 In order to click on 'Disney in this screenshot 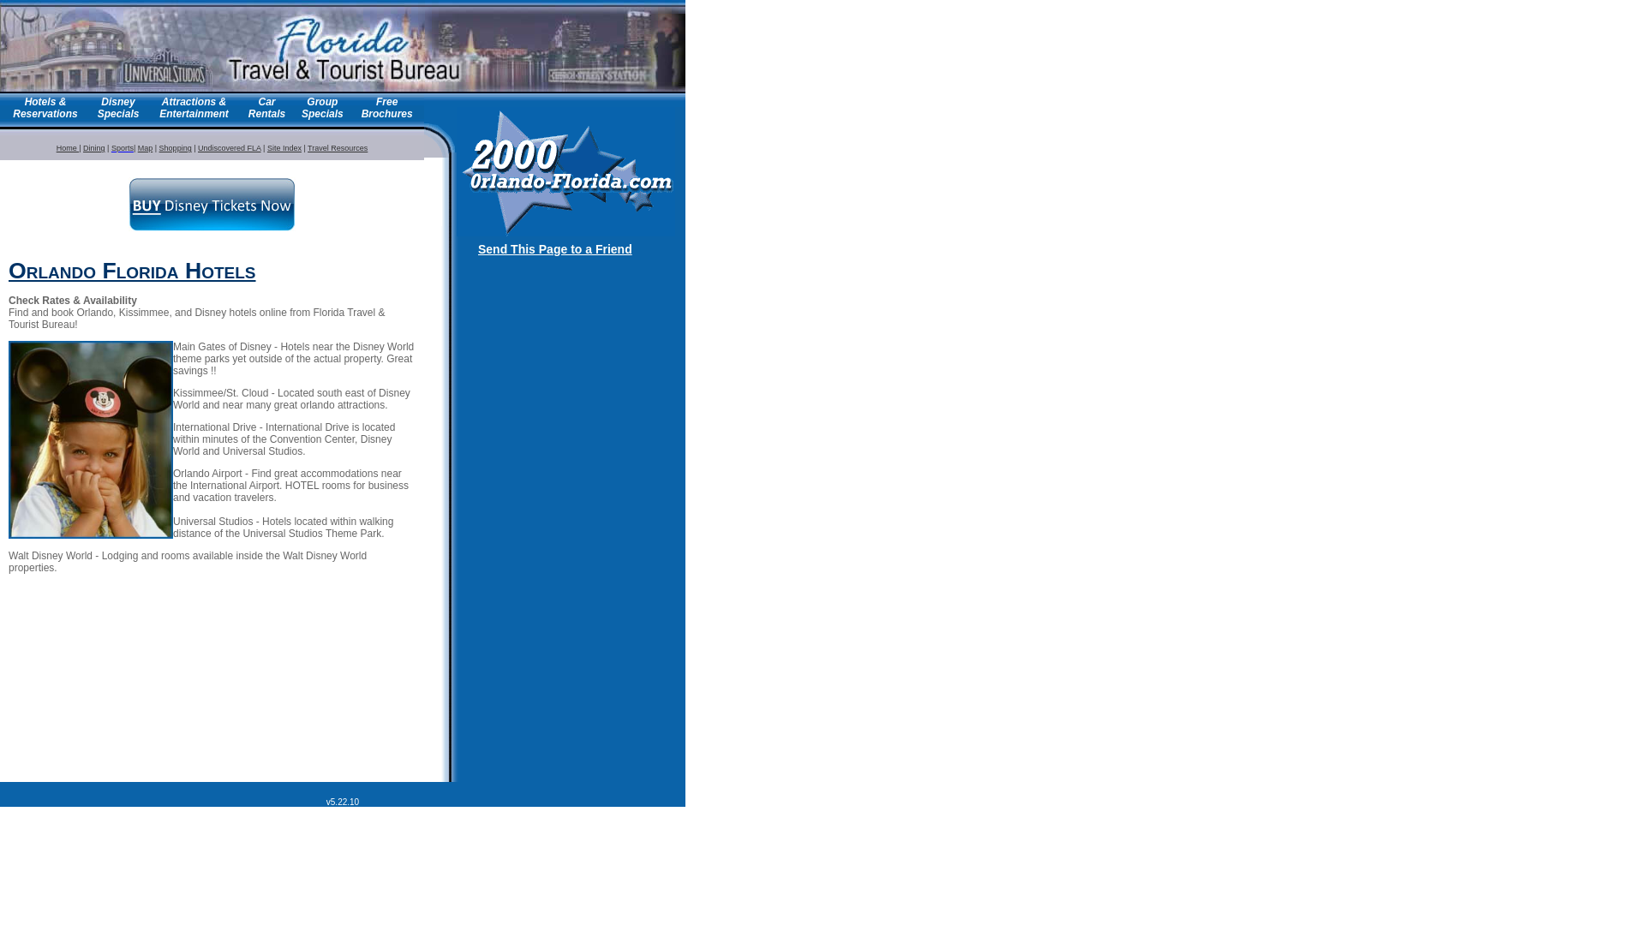, I will do `click(97, 108)`.